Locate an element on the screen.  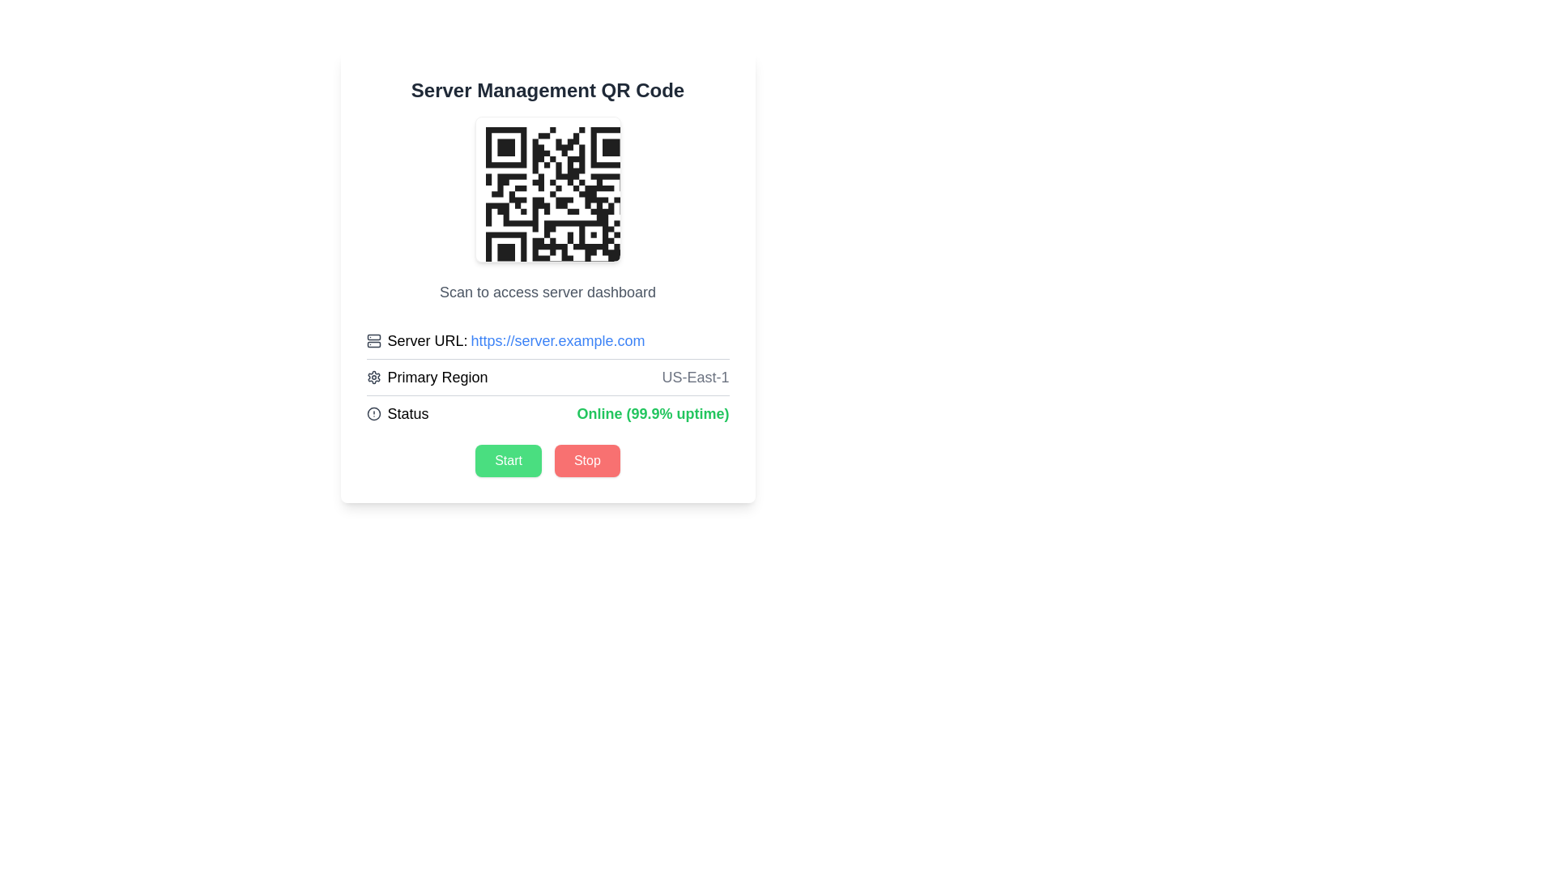
the static text UI component displaying the current selected region 'US-East-1', located next to the label 'Primary Region' is located at coordinates (696, 378).